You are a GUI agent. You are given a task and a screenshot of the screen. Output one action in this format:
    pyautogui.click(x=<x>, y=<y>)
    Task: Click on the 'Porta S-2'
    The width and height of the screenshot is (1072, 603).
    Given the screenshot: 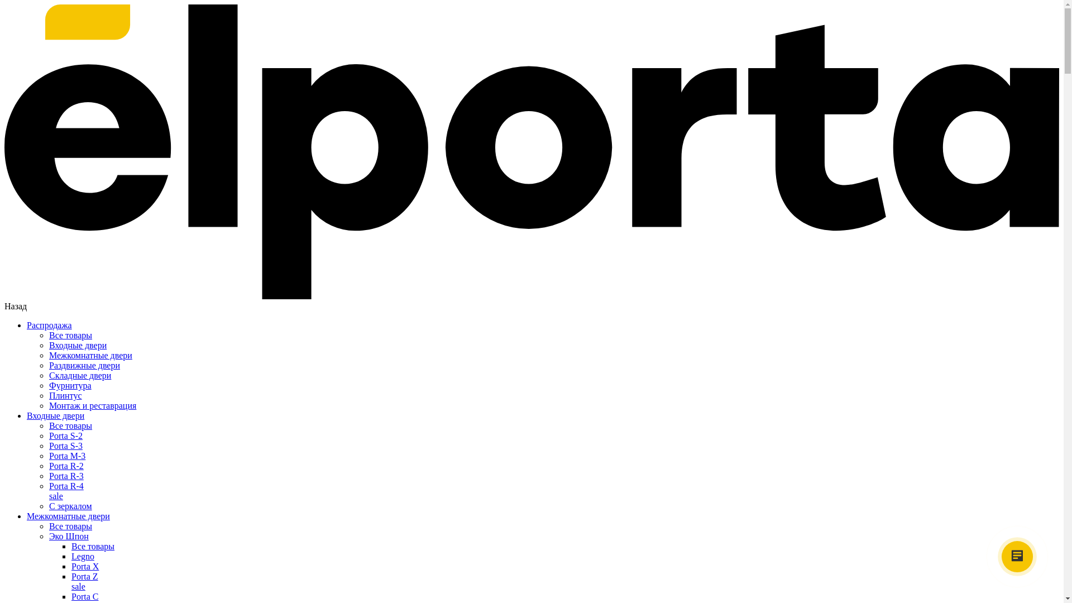 What is the action you would take?
    pyautogui.click(x=65, y=435)
    